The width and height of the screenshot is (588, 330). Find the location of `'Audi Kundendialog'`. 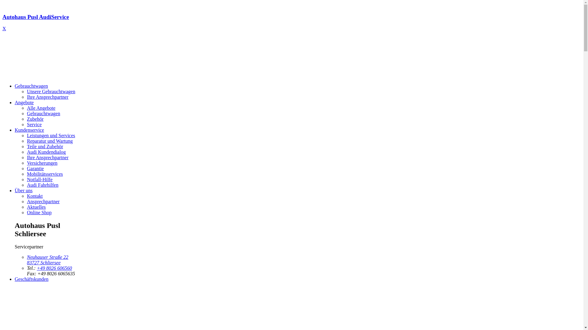

'Audi Kundendialog' is located at coordinates (46, 152).